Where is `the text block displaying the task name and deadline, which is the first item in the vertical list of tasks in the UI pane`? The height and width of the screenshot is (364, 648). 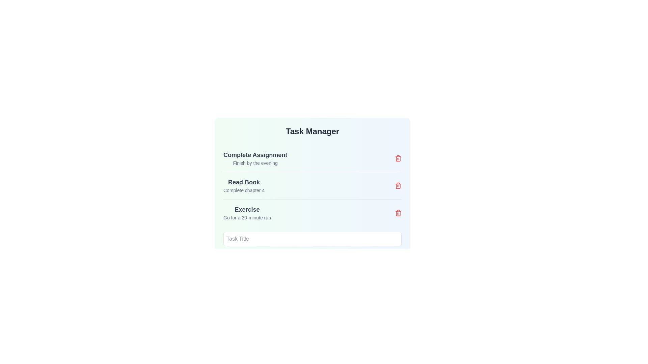
the text block displaying the task name and deadline, which is the first item in the vertical list of tasks in the UI pane is located at coordinates (255, 158).